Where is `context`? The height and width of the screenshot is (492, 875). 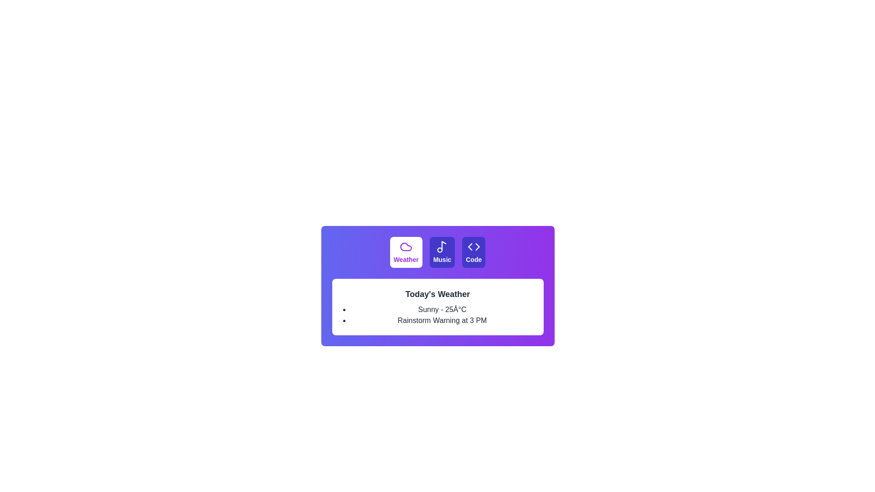
context is located at coordinates (442, 260).